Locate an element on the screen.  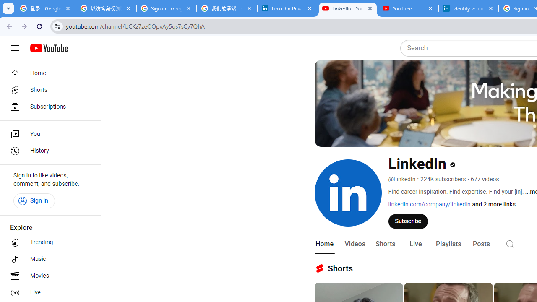
'LinkedIn - YouTube' is located at coordinates (347, 8).